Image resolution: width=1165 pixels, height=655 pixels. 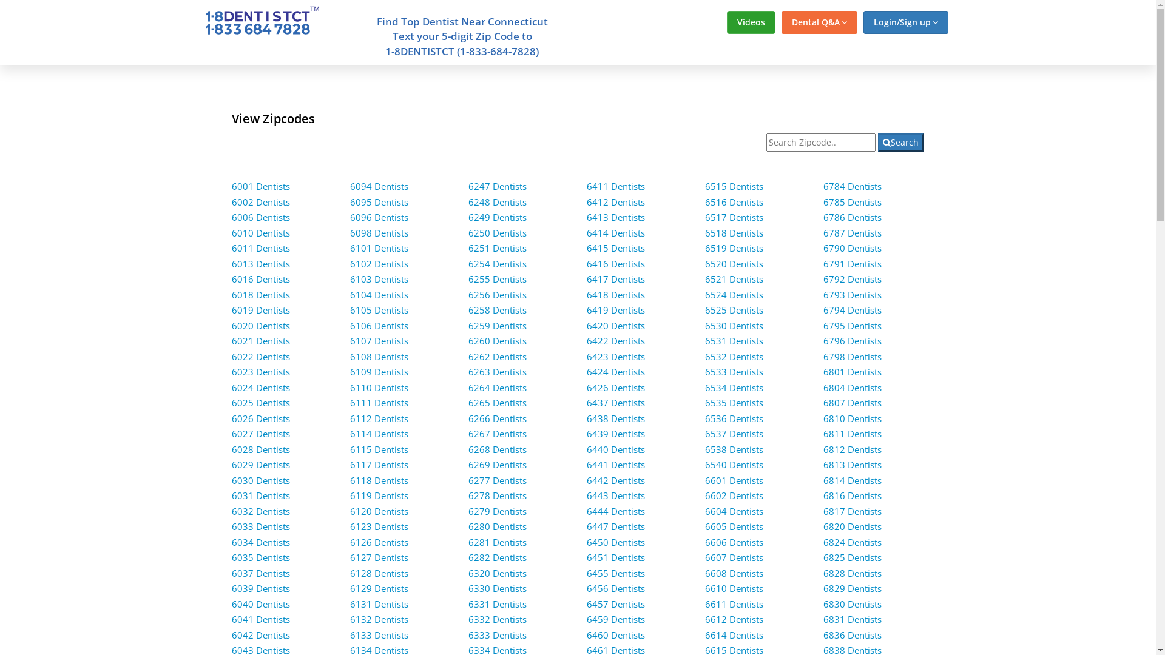 What do you see at coordinates (877, 142) in the screenshot?
I see `'Search'` at bounding box center [877, 142].